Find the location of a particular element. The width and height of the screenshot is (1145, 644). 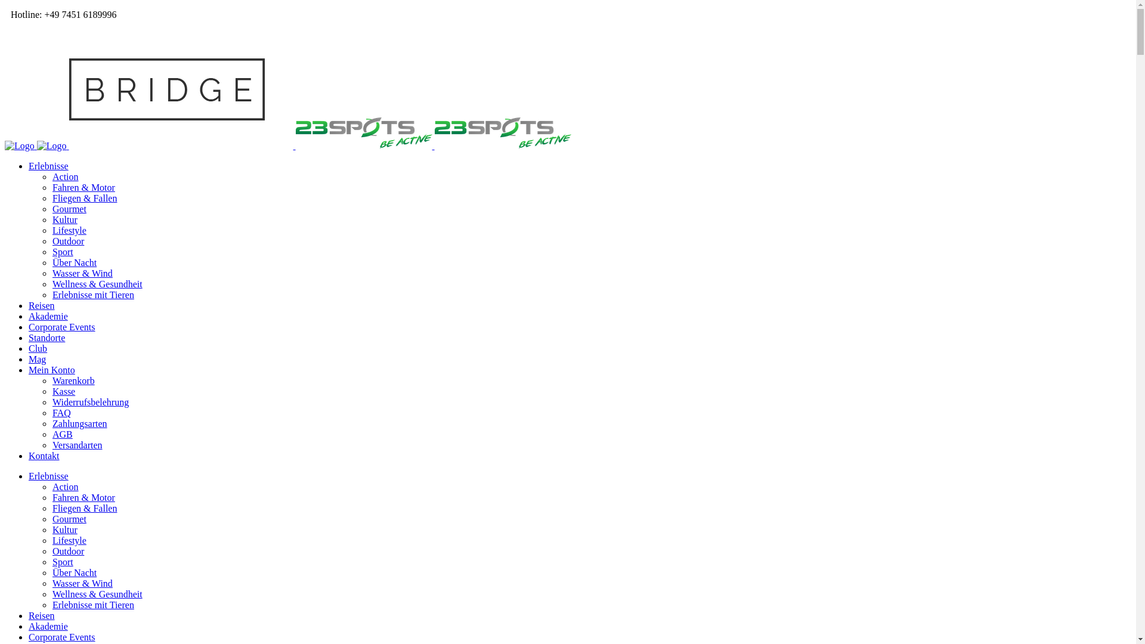

'Kultur' is located at coordinates (64, 529).